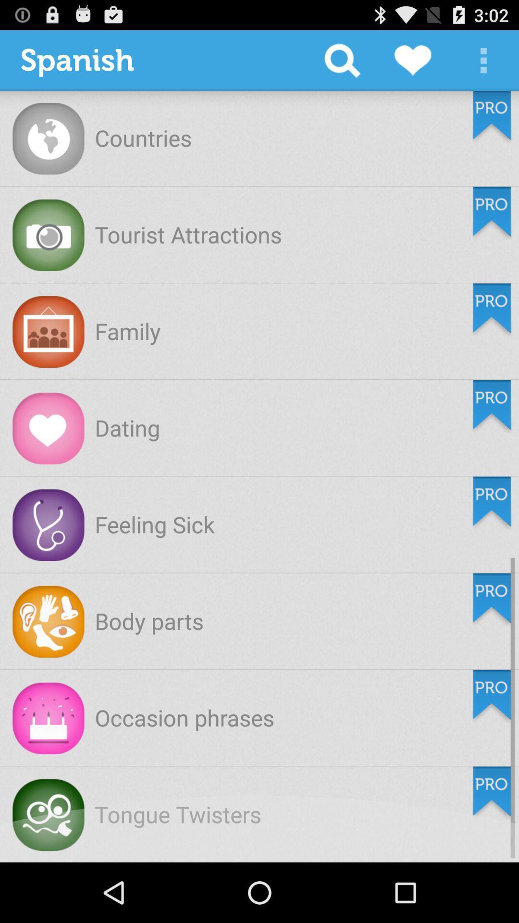 The image size is (519, 923). I want to click on the occasion phrases icon, so click(185, 717).